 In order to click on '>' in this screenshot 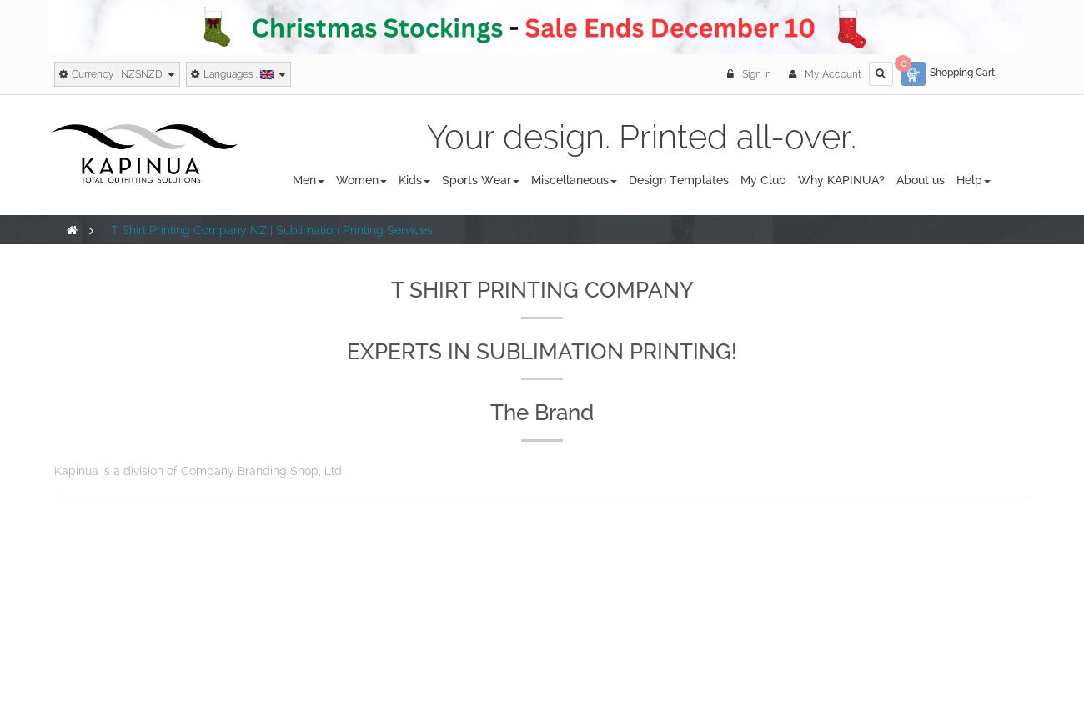, I will do `click(91, 229)`.